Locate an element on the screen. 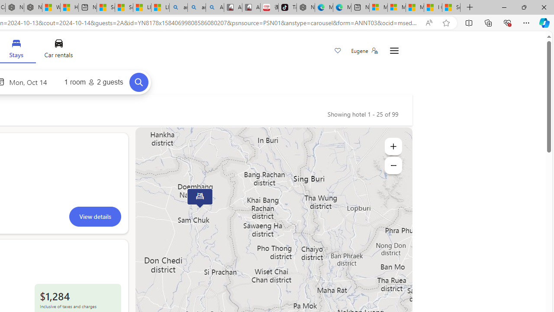 The height and width of the screenshot is (312, 554). 'amazon - Search Images' is located at coordinates (196, 7).